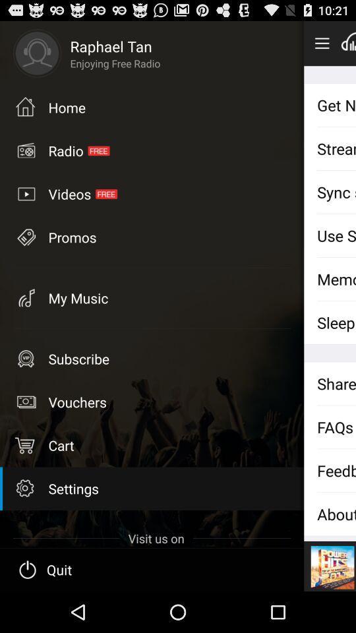 The width and height of the screenshot is (356, 633). Describe the element at coordinates (348, 43) in the screenshot. I see `music` at that location.